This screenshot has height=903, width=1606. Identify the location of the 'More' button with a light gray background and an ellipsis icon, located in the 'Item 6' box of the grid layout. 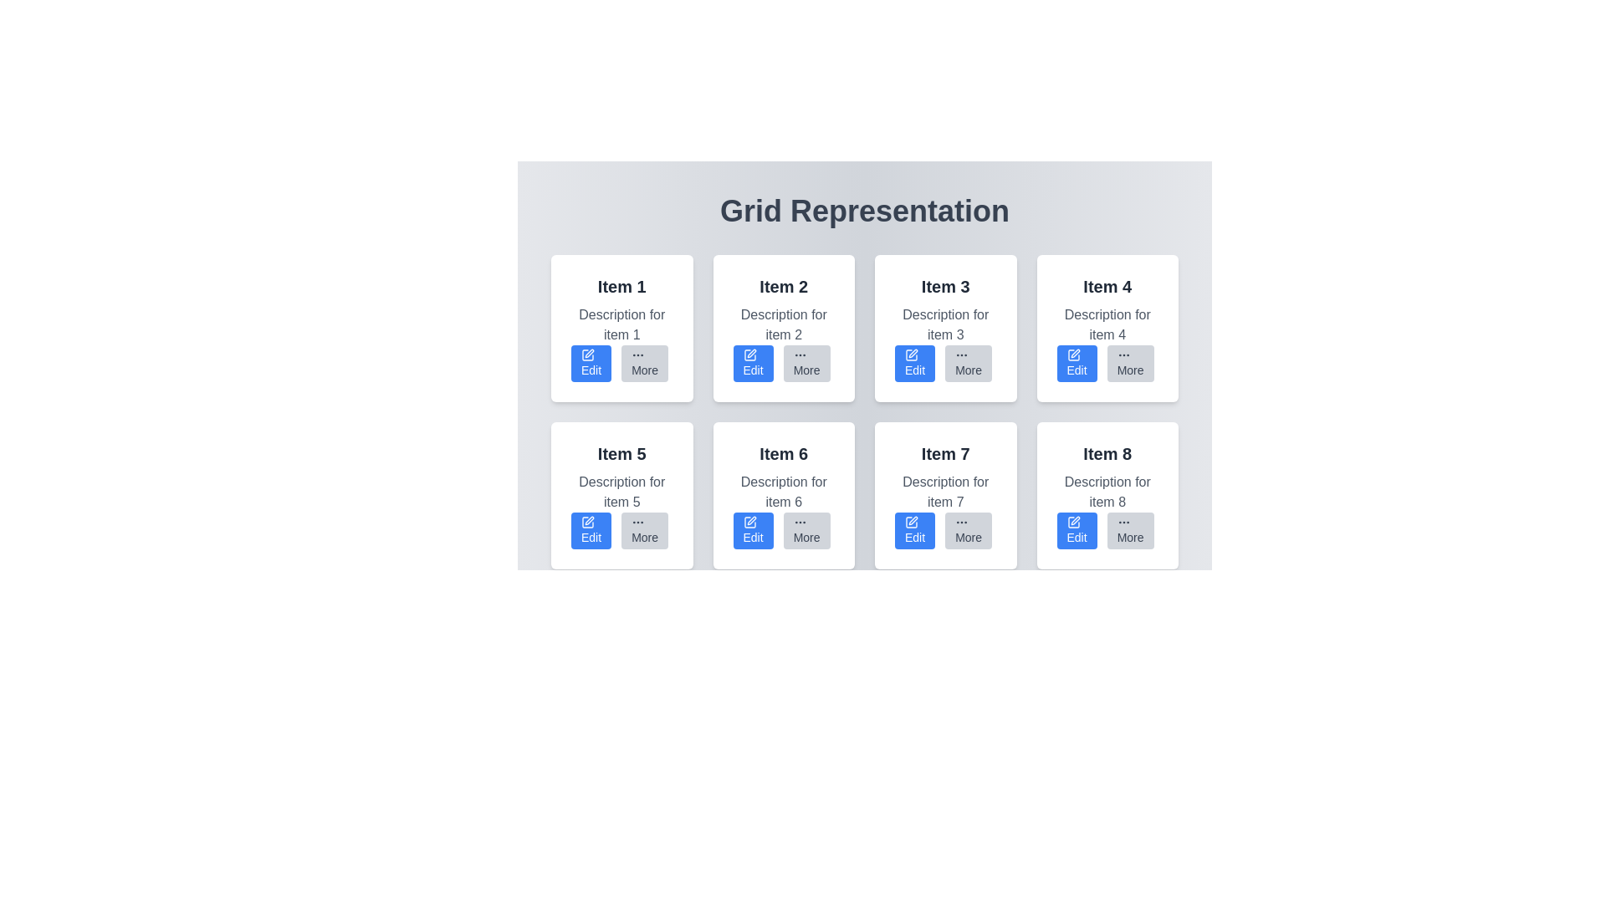
(806, 531).